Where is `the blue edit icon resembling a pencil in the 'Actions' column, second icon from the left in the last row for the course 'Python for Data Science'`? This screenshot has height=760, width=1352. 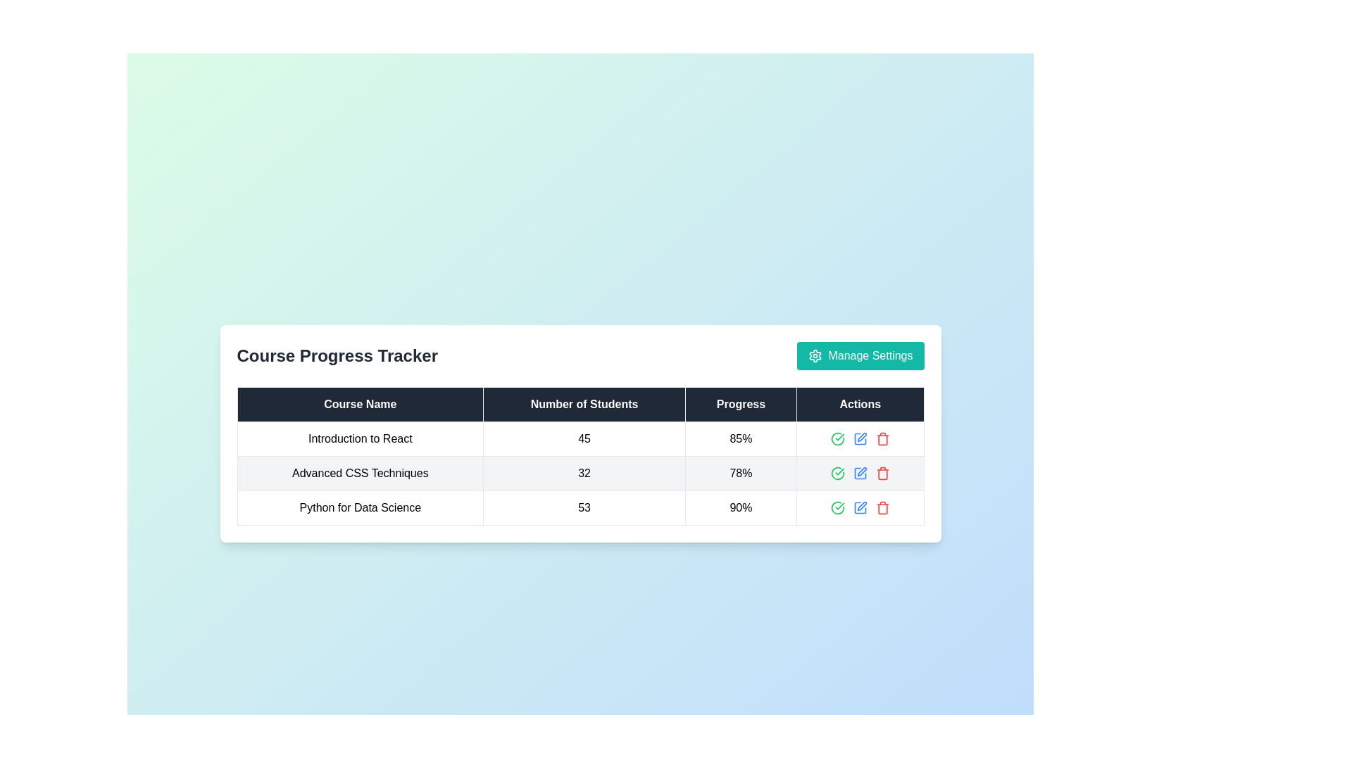 the blue edit icon resembling a pencil in the 'Actions' column, second icon from the left in the last row for the course 'Python for Data Science' is located at coordinates (859, 507).